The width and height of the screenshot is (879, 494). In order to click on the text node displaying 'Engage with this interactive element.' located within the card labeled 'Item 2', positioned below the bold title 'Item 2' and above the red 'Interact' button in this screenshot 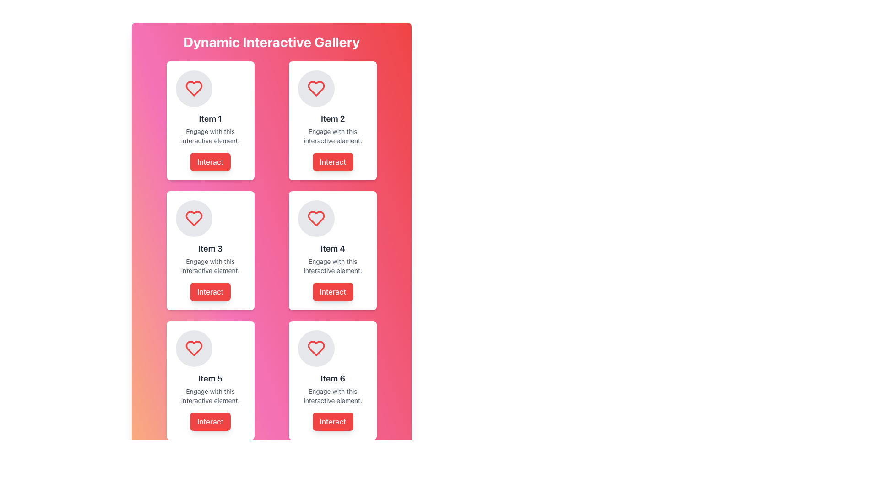, I will do `click(332, 136)`.